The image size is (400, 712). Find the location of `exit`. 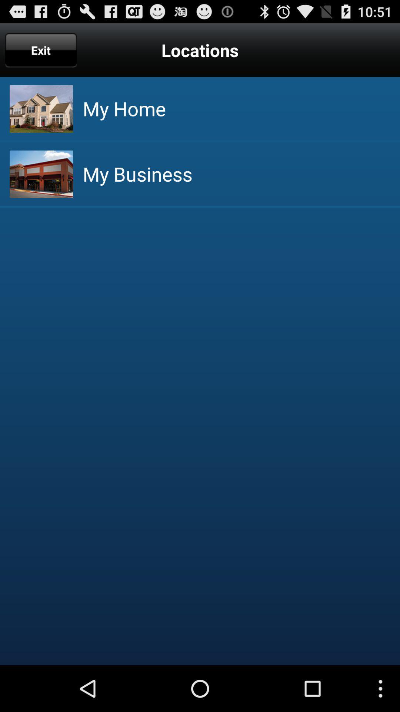

exit is located at coordinates (41, 50).